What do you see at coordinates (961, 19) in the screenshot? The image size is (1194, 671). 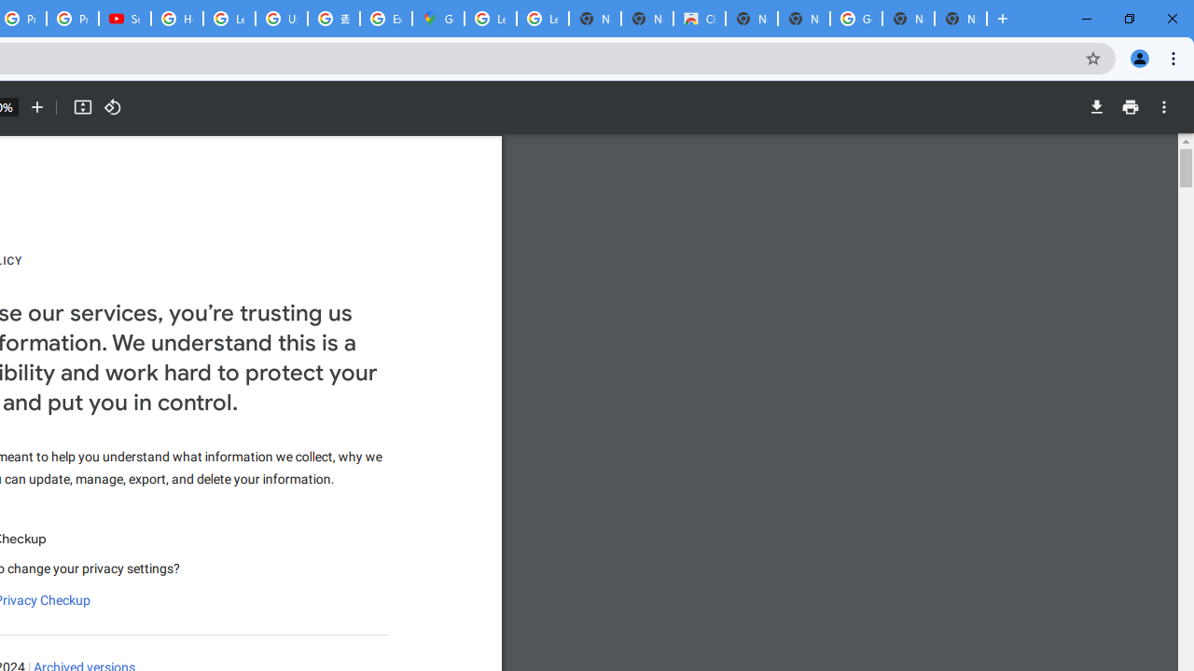 I see `'New Tab'` at bounding box center [961, 19].